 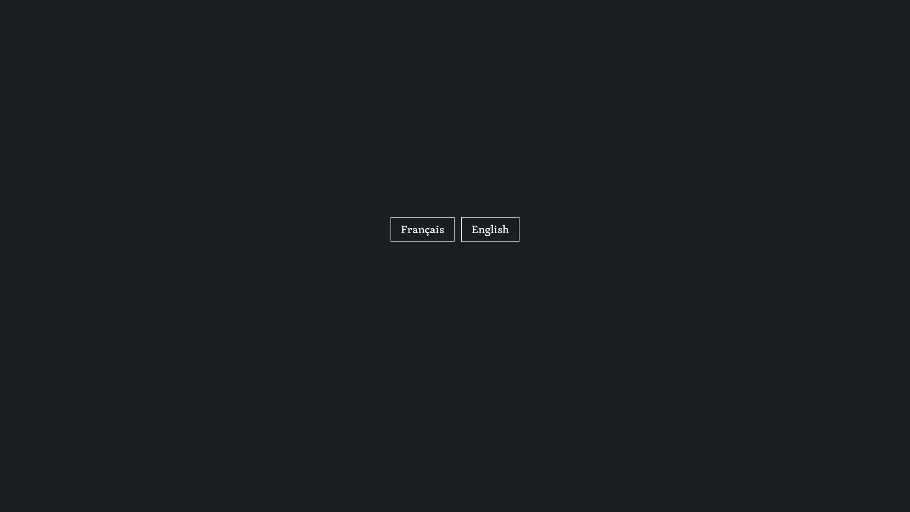 What do you see at coordinates (490, 229) in the screenshot?
I see `'English'` at bounding box center [490, 229].